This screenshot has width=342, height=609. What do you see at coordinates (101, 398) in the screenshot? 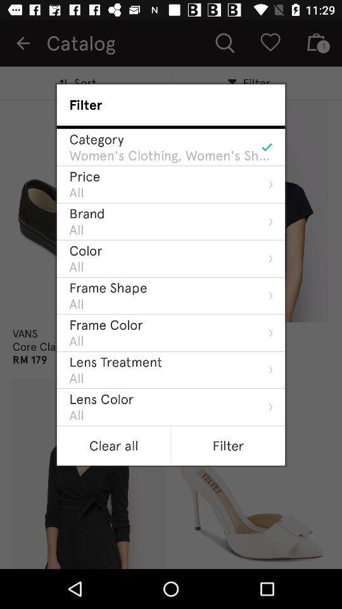
I see `the icon above the all` at bounding box center [101, 398].